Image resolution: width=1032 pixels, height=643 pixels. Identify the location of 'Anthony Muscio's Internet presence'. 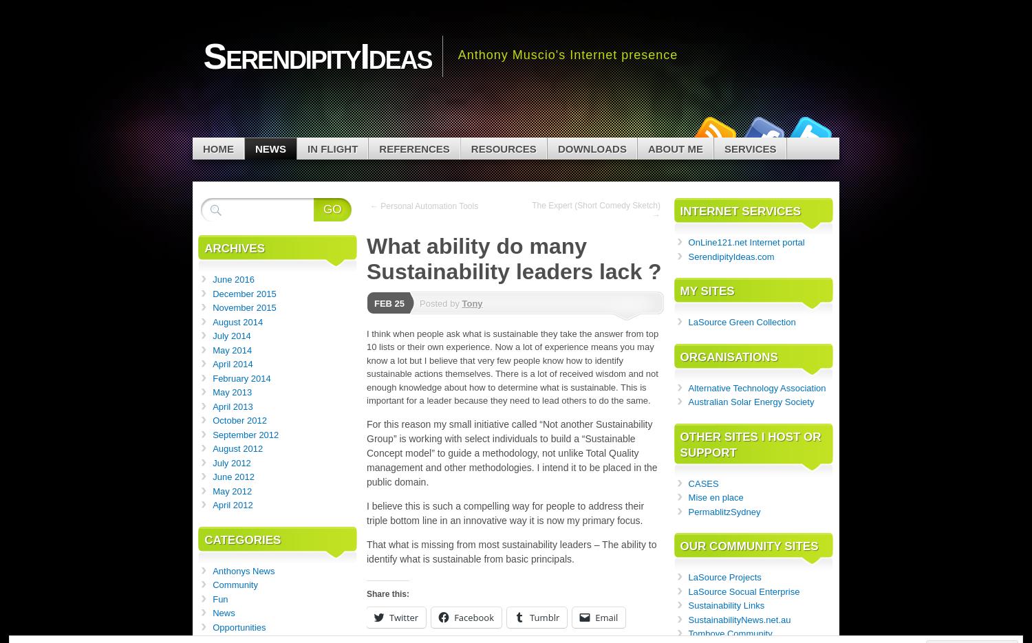
(567, 54).